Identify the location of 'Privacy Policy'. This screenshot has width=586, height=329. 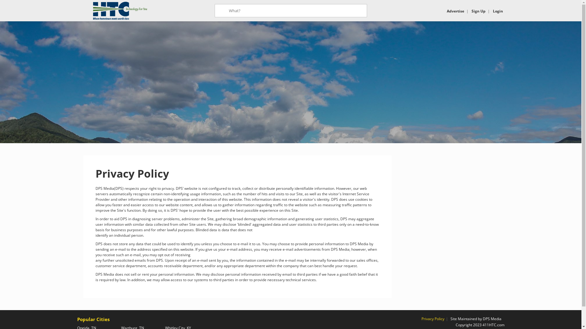
(432, 318).